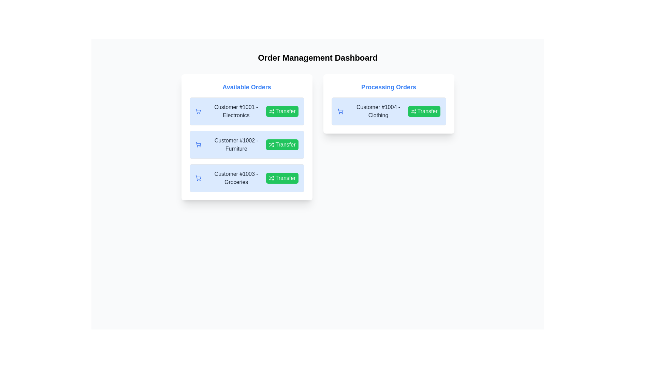 This screenshot has width=655, height=368. Describe the element at coordinates (246, 178) in the screenshot. I see `the order details for customer number 1003 in the 'Available Orders' panel` at that location.